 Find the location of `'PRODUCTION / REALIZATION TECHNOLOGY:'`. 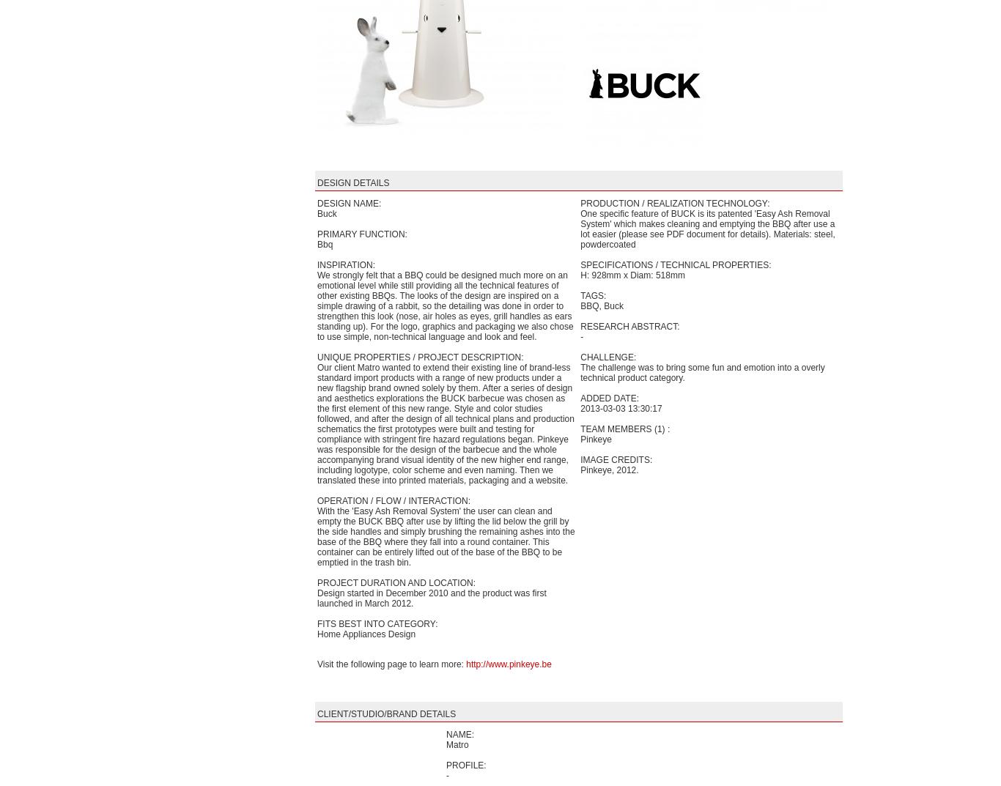

'PRODUCTION / REALIZATION TECHNOLOGY:' is located at coordinates (674, 203).